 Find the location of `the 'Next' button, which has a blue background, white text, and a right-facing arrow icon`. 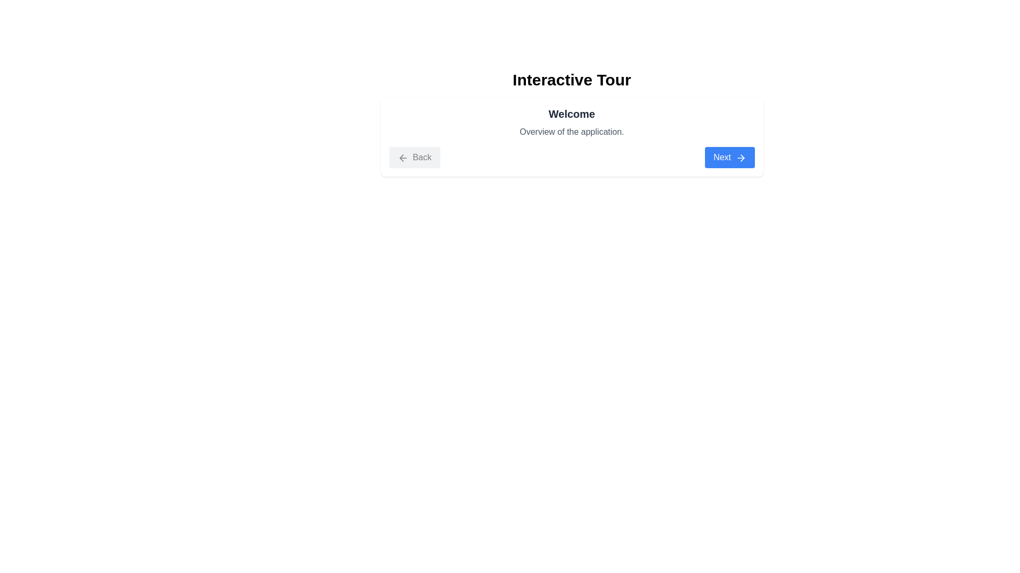

the 'Next' button, which has a blue background, white text, and a right-facing arrow icon is located at coordinates (729, 158).